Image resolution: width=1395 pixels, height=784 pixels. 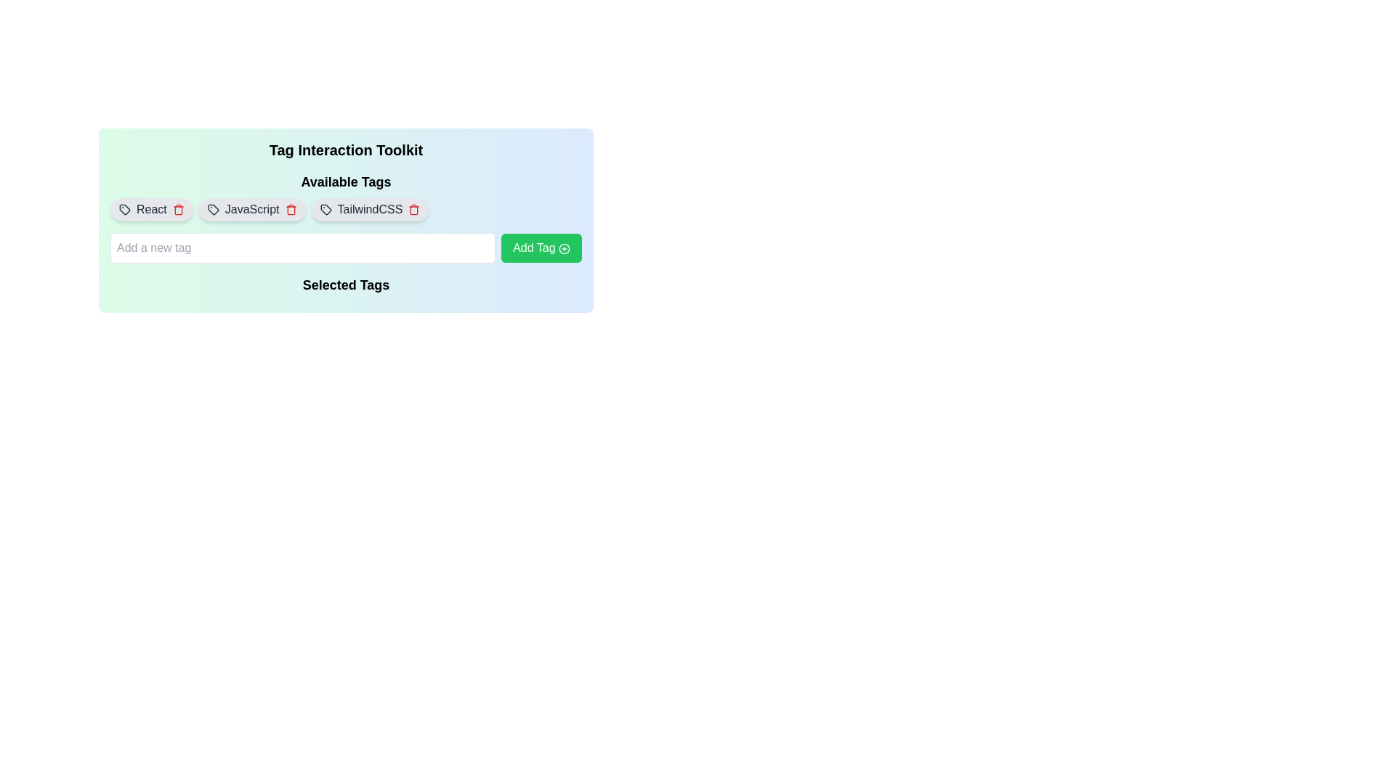 I want to click on the icon button located to the right of the 'JavaScript' tag, so click(x=291, y=210).